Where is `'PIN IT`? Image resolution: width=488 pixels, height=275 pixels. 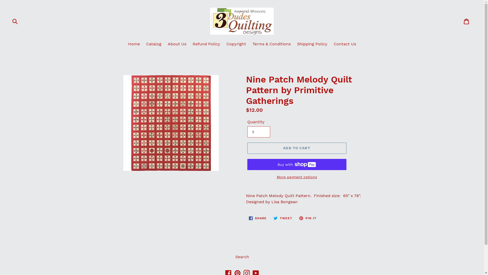
'PIN IT is located at coordinates (307, 218).